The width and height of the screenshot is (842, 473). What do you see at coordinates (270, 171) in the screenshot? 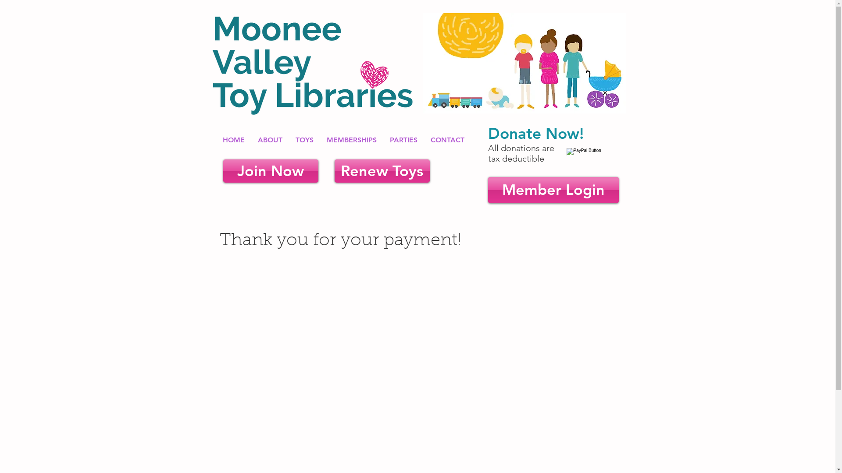
I see `'Join Now'` at bounding box center [270, 171].